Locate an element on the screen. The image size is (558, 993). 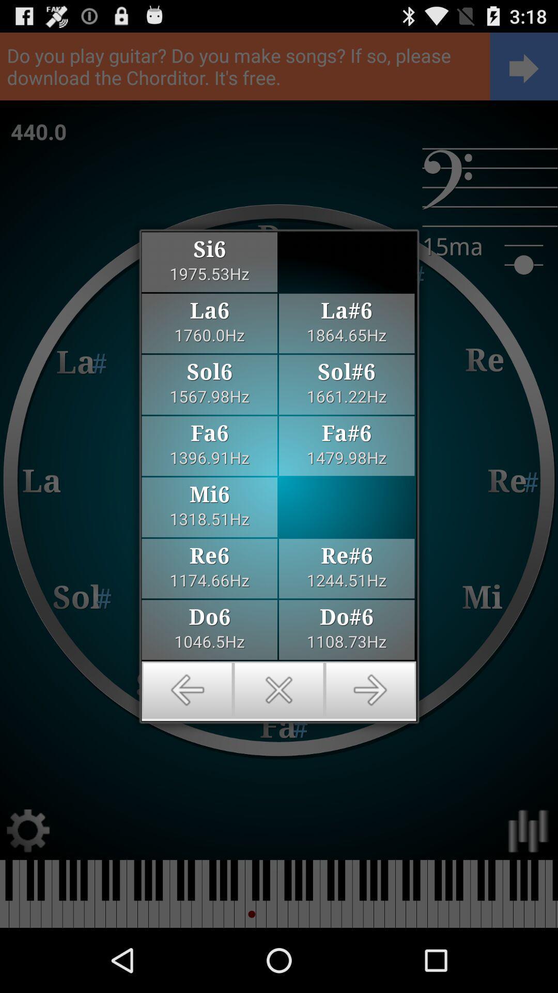
menu is located at coordinates (279, 690).